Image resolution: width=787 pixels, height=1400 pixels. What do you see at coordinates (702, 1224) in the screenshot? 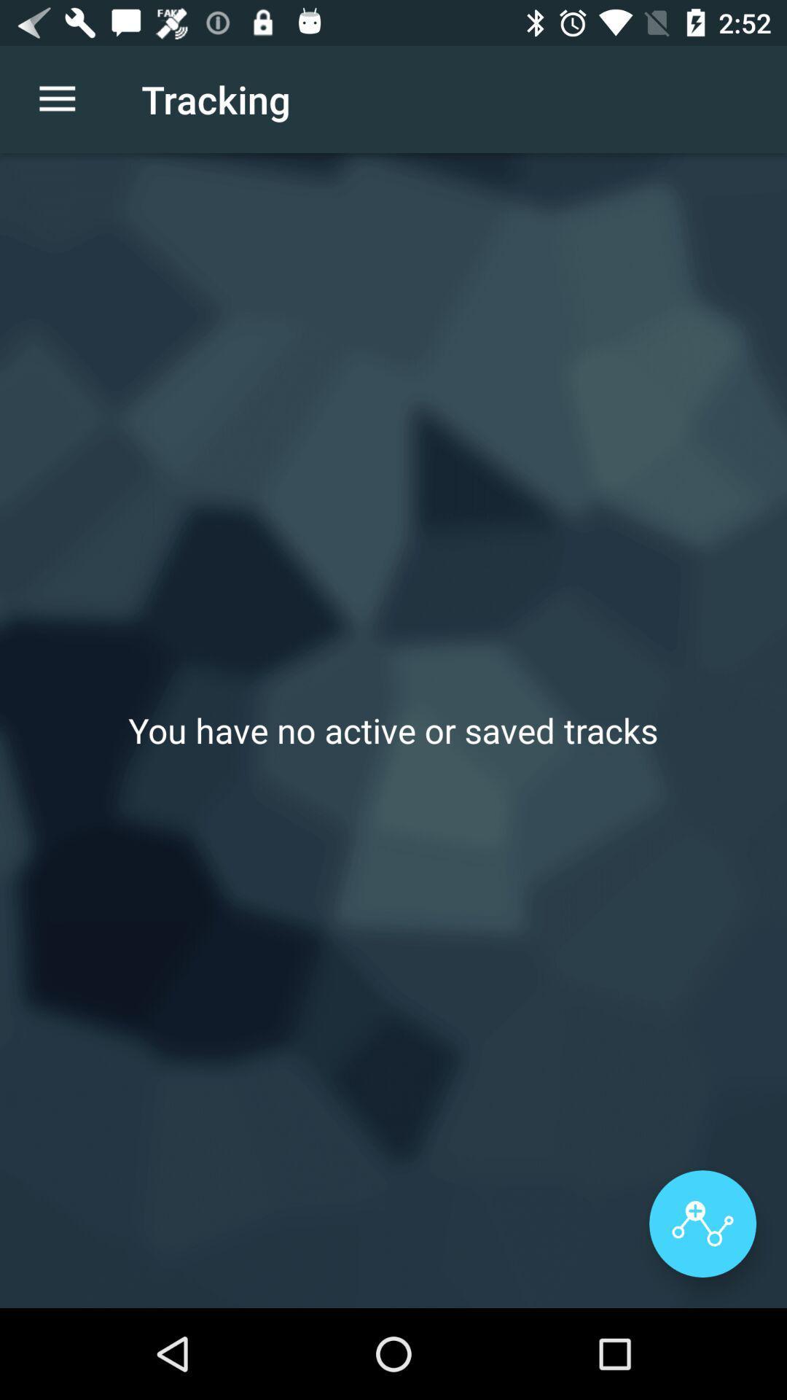
I see `new` at bounding box center [702, 1224].